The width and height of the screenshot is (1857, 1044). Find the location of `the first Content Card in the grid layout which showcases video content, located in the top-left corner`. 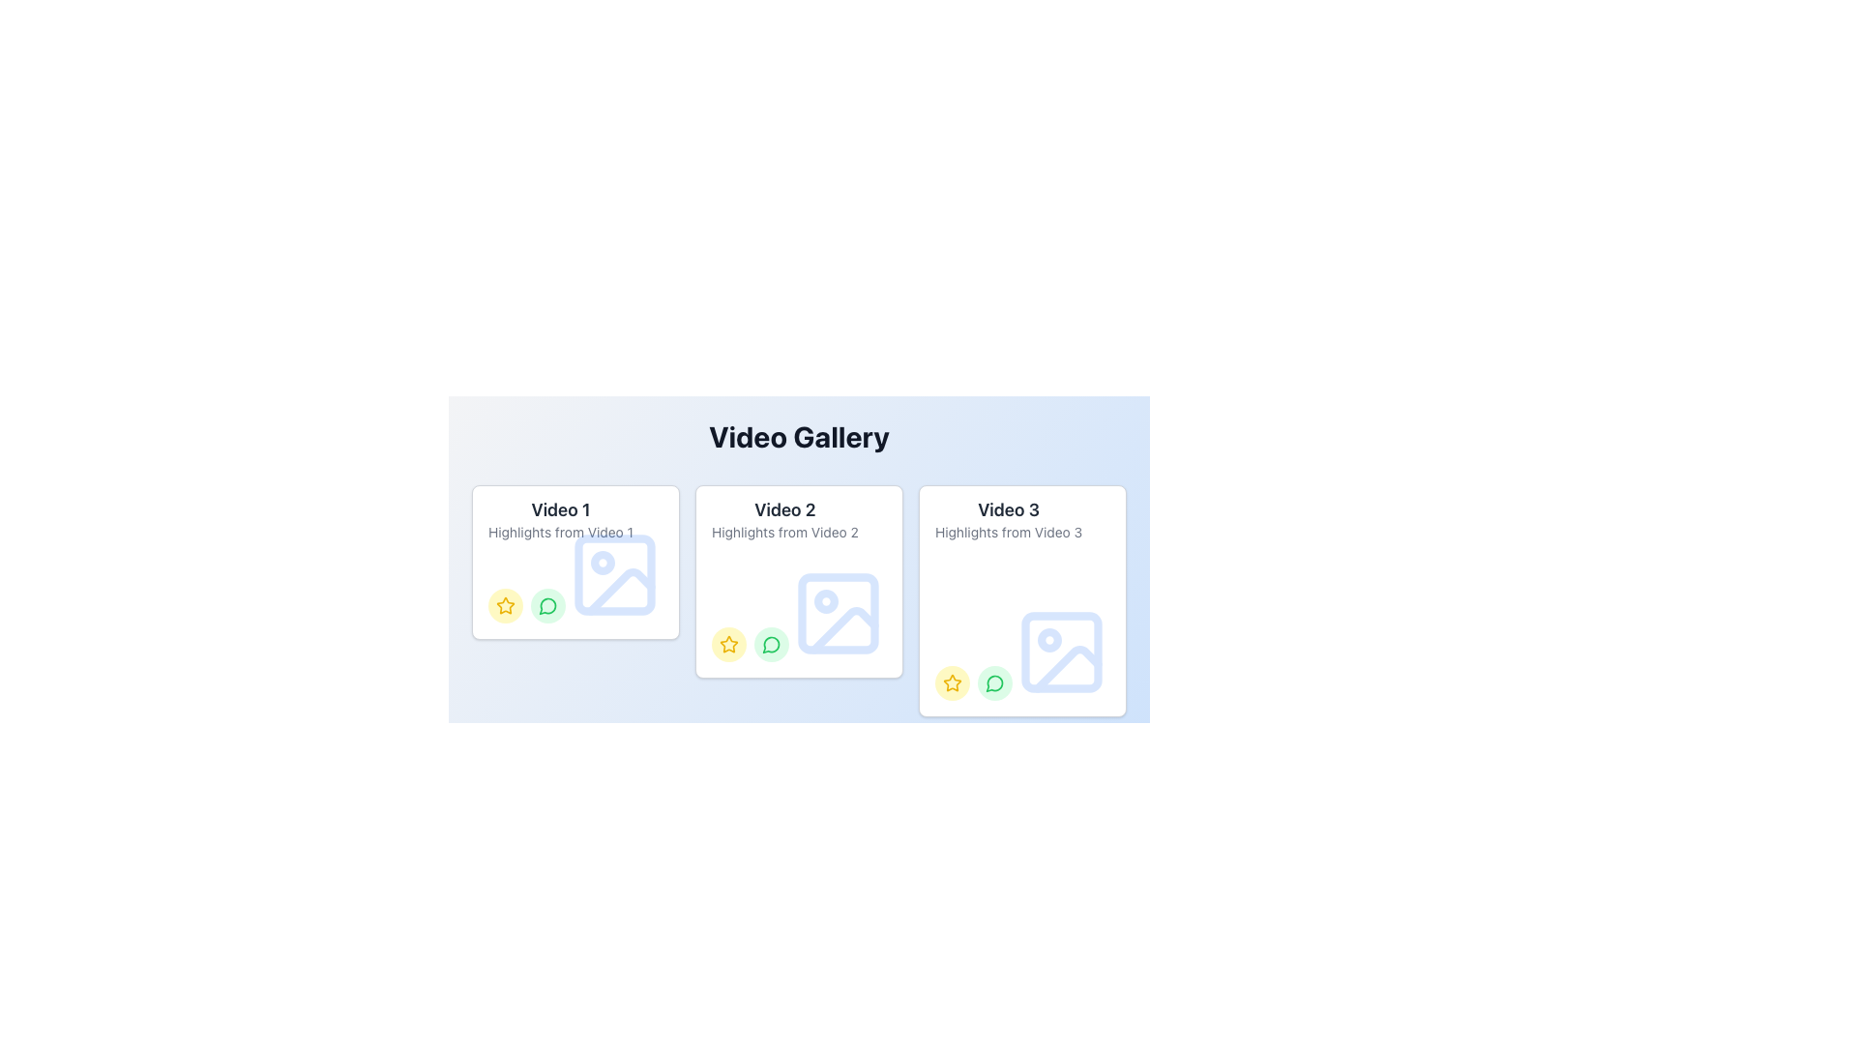

the first Content Card in the grid layout which showcases video content, located in the top-left corner is located at coordinates (575, 563).